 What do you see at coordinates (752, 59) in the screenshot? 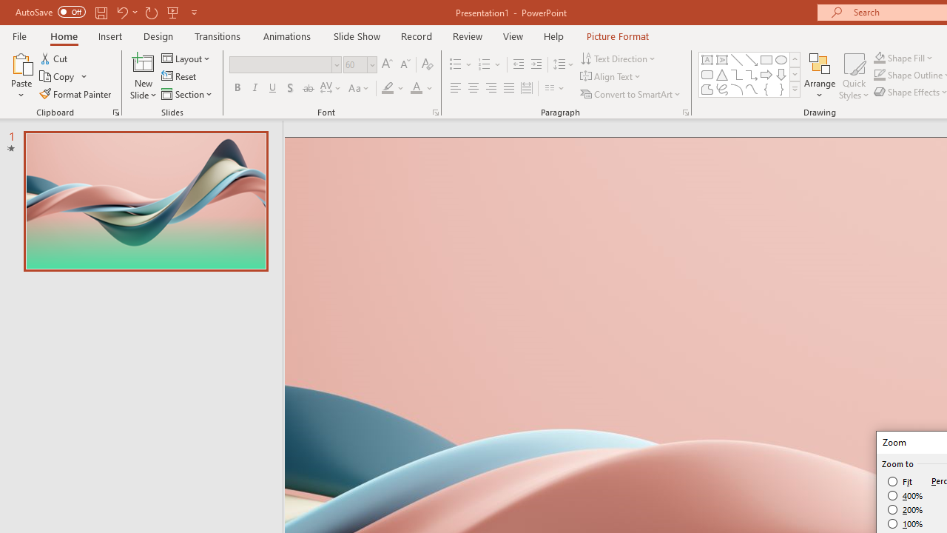
I see `'Line Arrow'` at bounding box center [752, 59].